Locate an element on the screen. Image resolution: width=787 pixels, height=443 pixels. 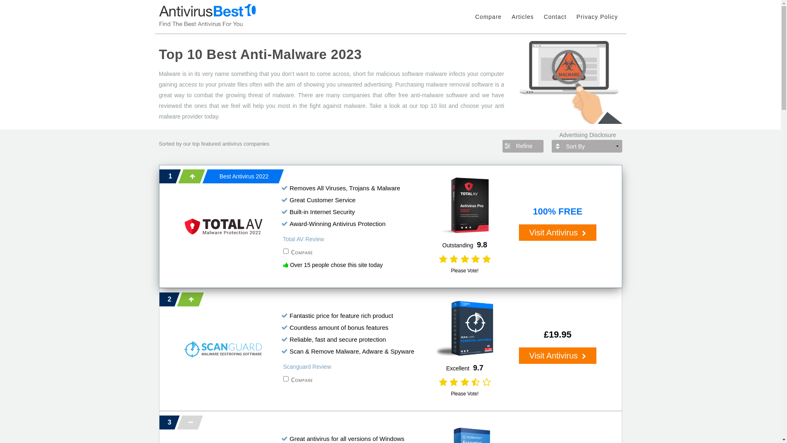
'Scanguard' is located at coordinates (223, 349).